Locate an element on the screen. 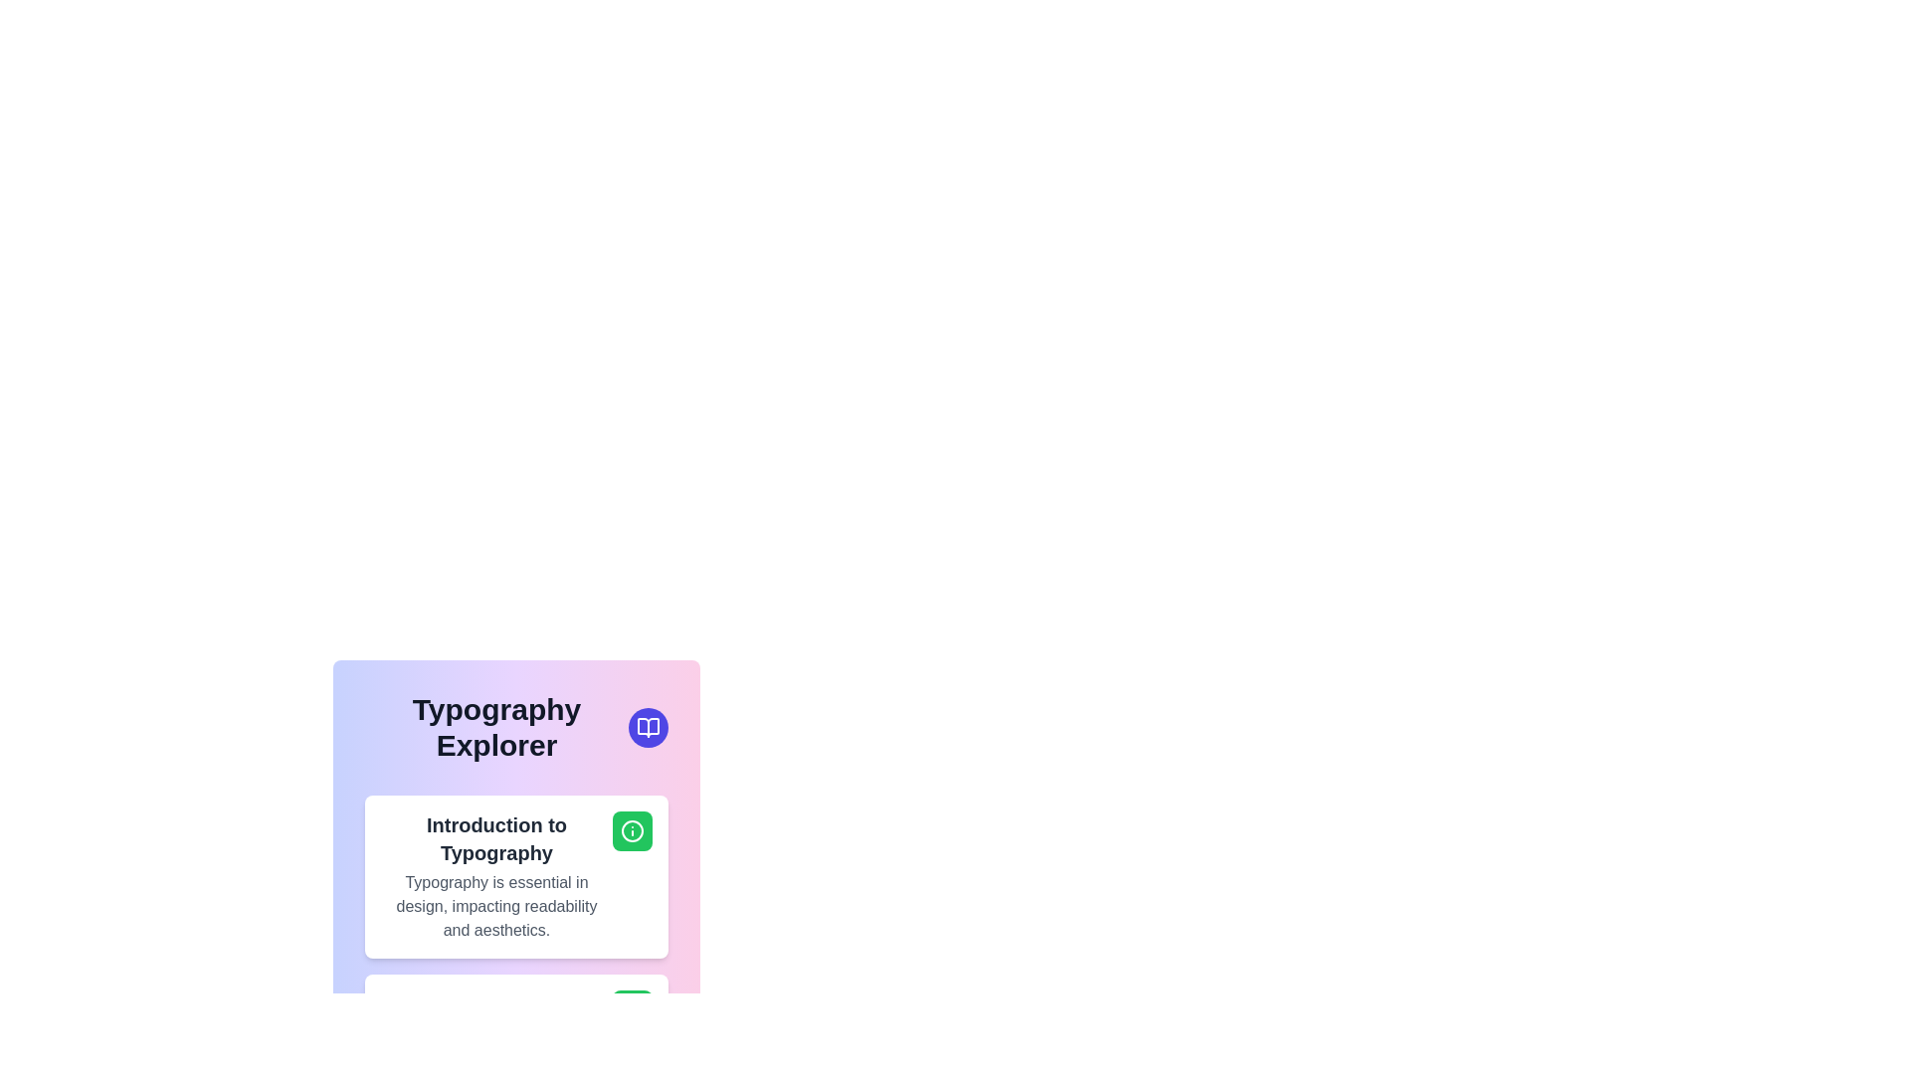  the interactive visual indicator icon located in the top-right corner of the 'Typography Explorer' card is located at coordinates (649, 728).